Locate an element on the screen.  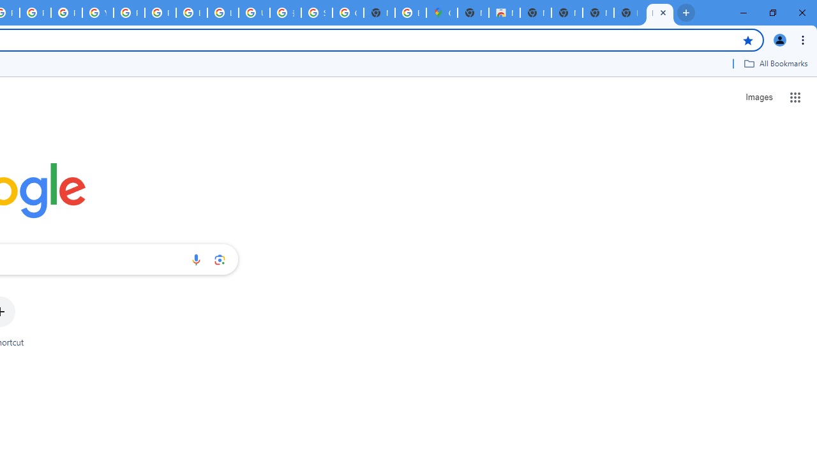
'Google Maps' is located at coordinates (442, 13).